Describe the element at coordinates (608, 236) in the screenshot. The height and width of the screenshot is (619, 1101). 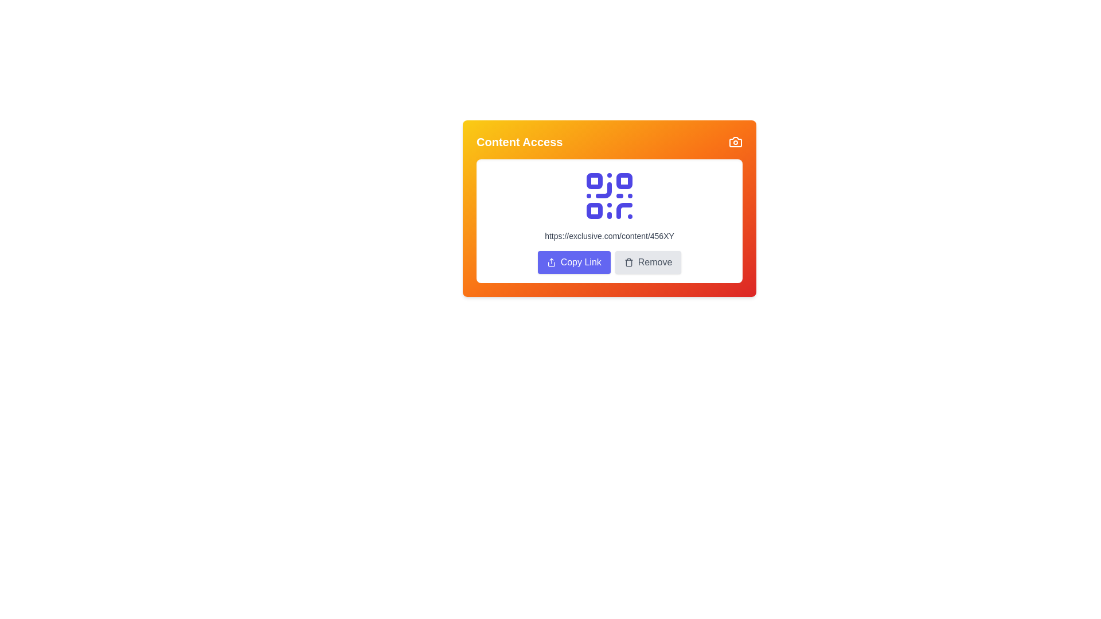
I see `the URL text displayed in the center of the card, located below the QR code, for copying` at that location.